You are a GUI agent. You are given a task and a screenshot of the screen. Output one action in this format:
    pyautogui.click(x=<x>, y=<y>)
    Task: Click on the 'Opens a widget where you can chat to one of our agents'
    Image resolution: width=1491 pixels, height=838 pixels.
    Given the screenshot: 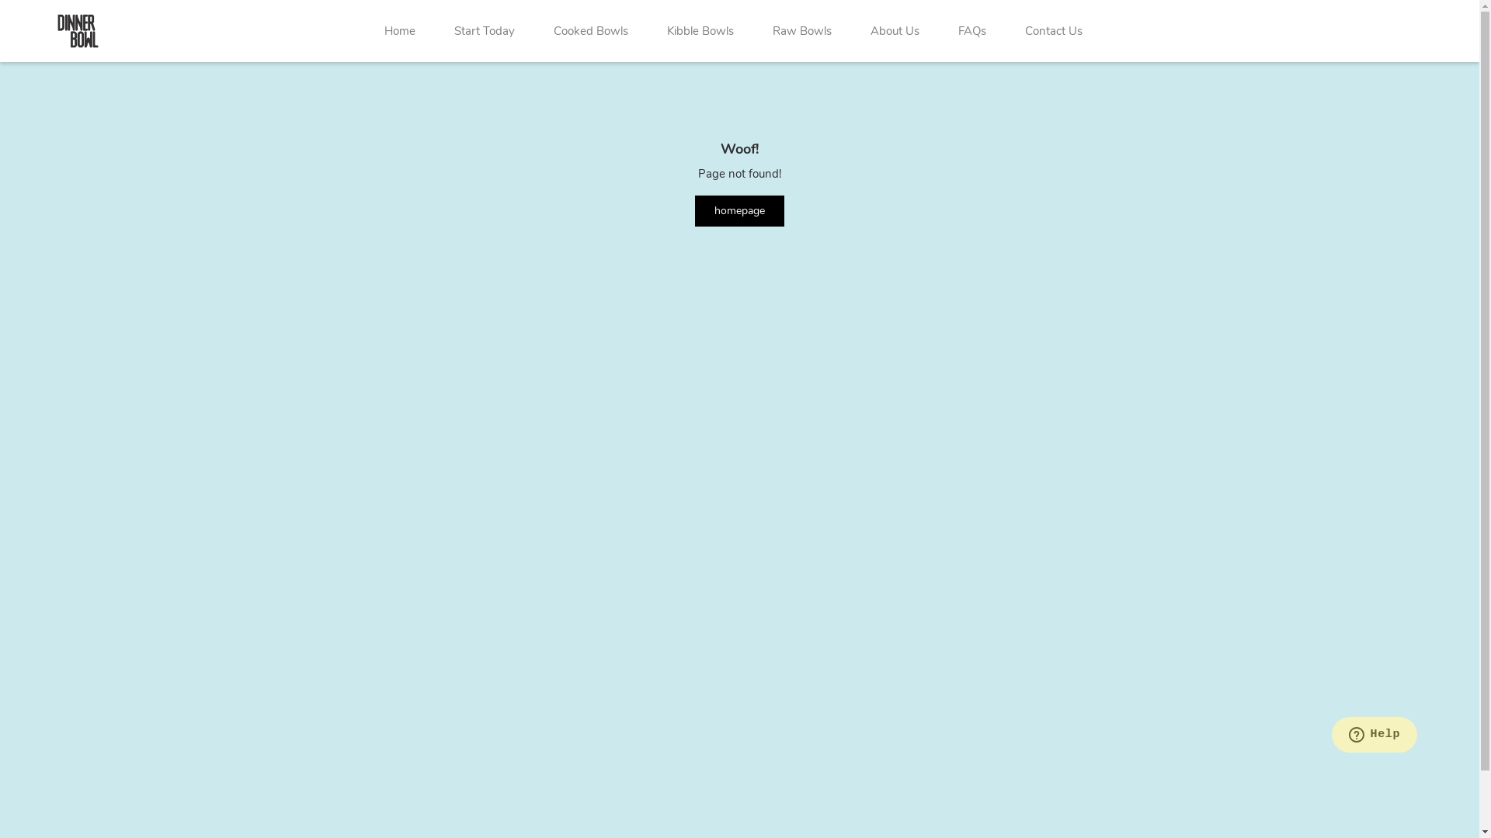 What is the action you would take?
    pyautogui.click(x=1374, y=735)
    